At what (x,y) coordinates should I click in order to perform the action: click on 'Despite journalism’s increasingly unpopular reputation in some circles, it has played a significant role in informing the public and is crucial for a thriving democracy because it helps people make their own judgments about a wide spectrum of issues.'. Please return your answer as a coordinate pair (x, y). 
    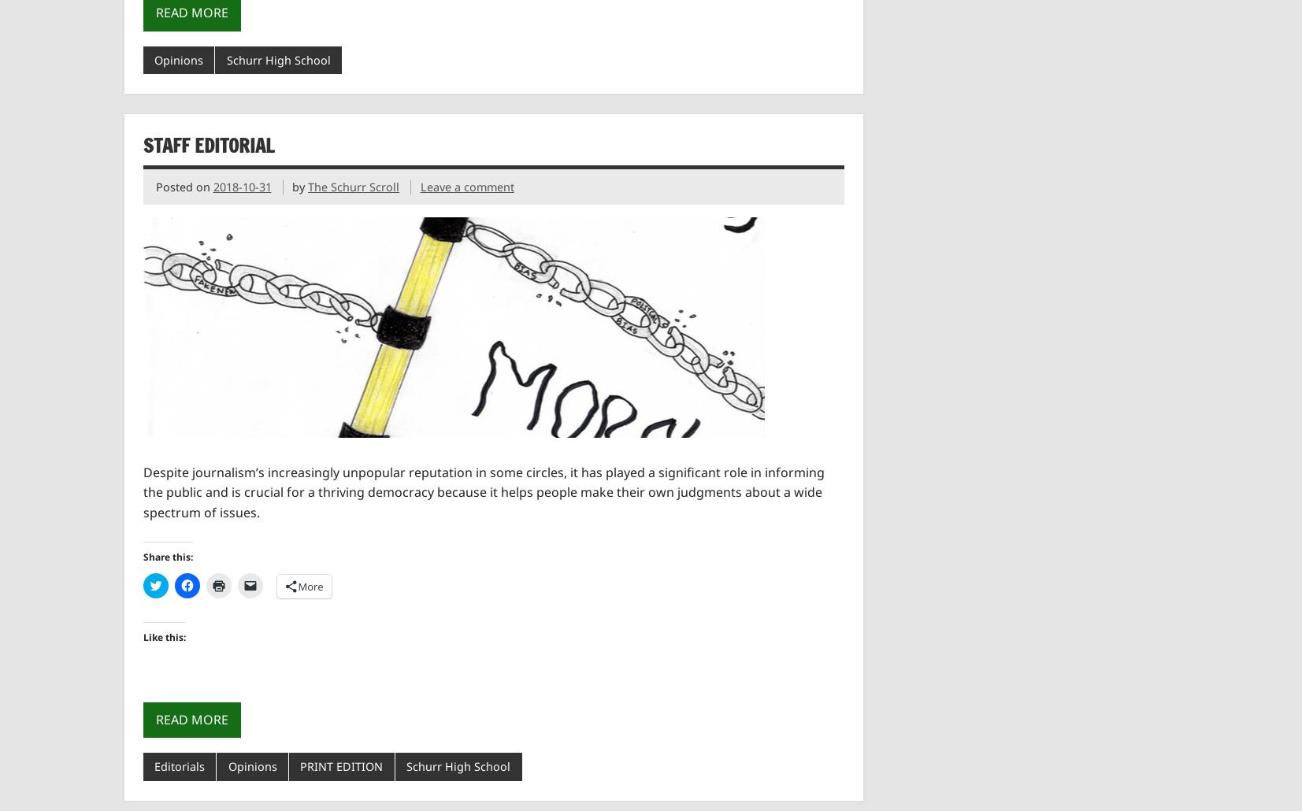
    Looking at the image, I should click on (482, 491).